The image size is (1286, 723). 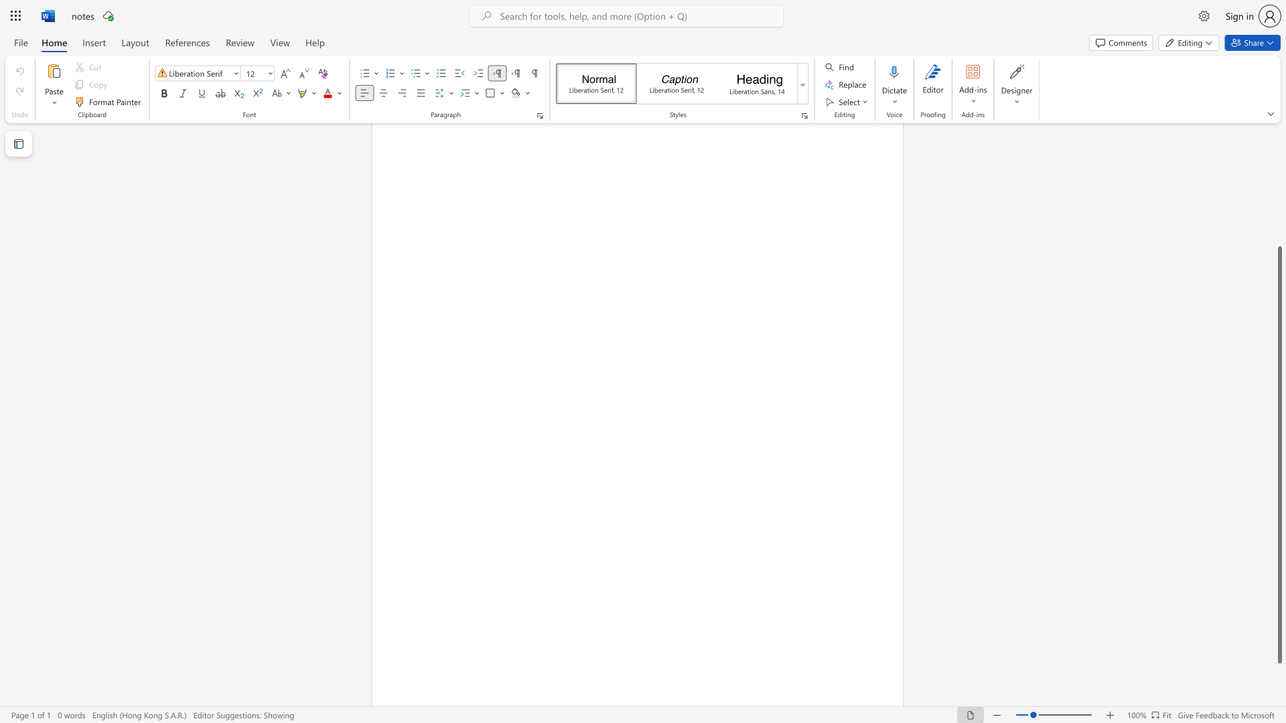 What do you see at coordinates (1279, 214) in the screenshot?
I see `the scrollbar to scroll the page up` at bounding box center [1279, 214].